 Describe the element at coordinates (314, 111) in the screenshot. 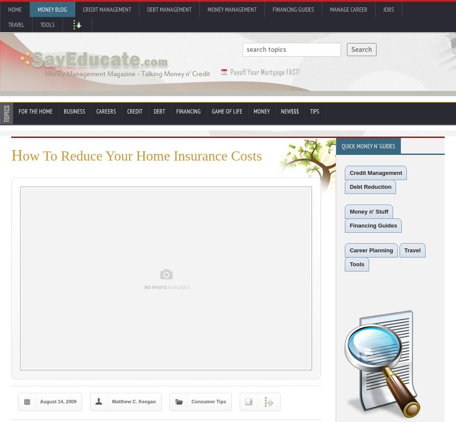

I see `'Tips'` at that location.